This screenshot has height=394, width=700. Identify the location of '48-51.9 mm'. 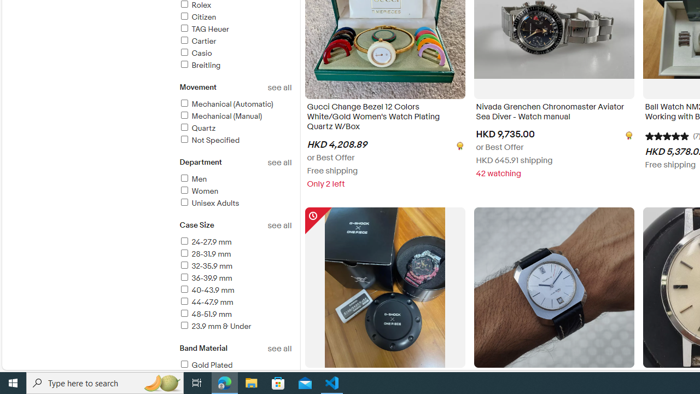
(205, 314).